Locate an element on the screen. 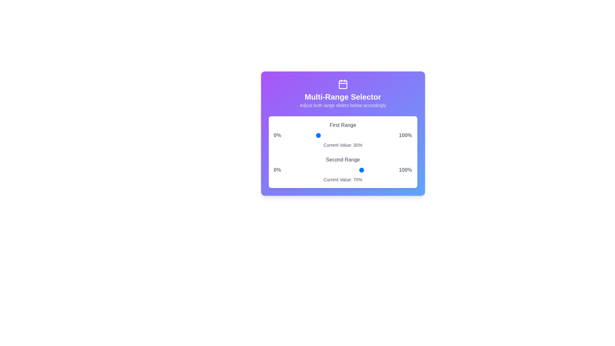  the handle of the first range slider, which allows users is located at coordinates (342, 134).